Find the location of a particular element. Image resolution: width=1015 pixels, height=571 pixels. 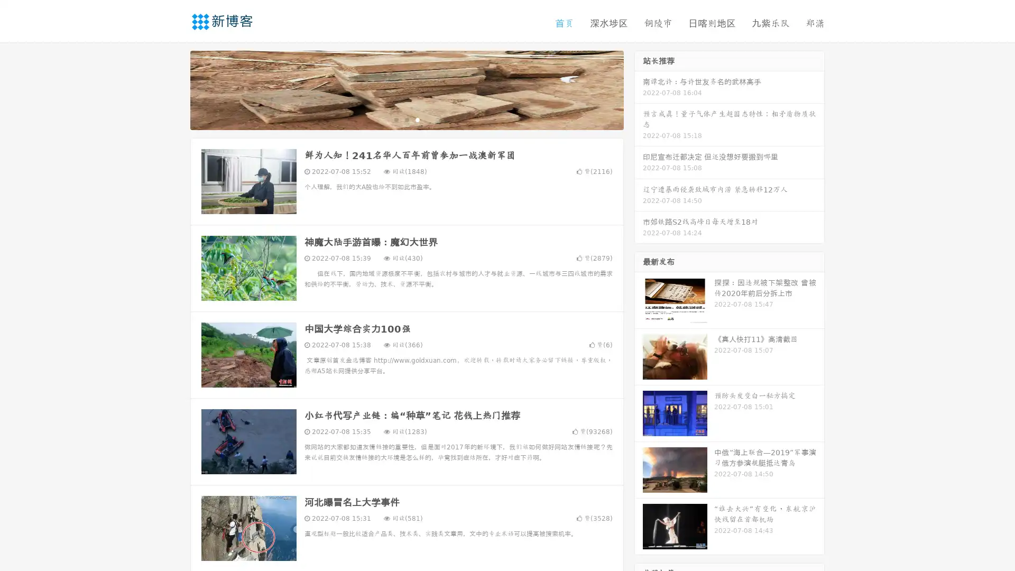

Previous slide is located at coordinates (174, 89).